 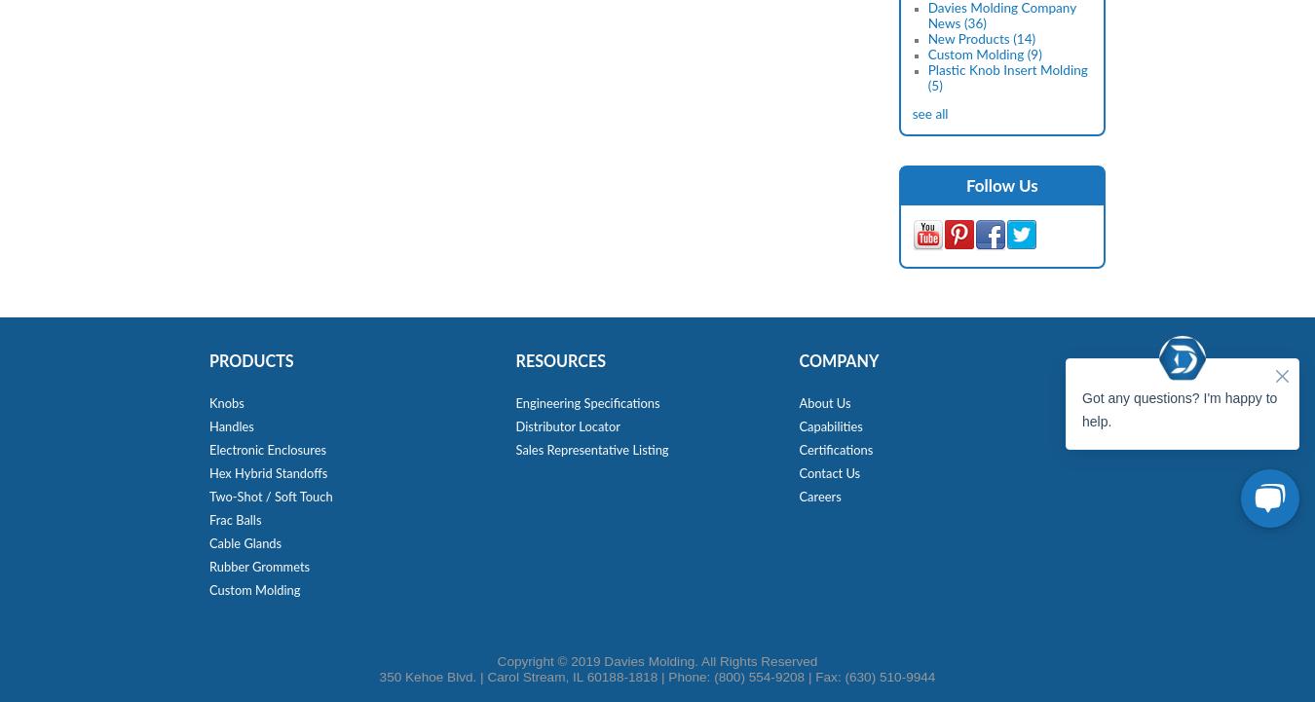 I want to click on 'Engineering Specifications', so click(x=587, y=404).